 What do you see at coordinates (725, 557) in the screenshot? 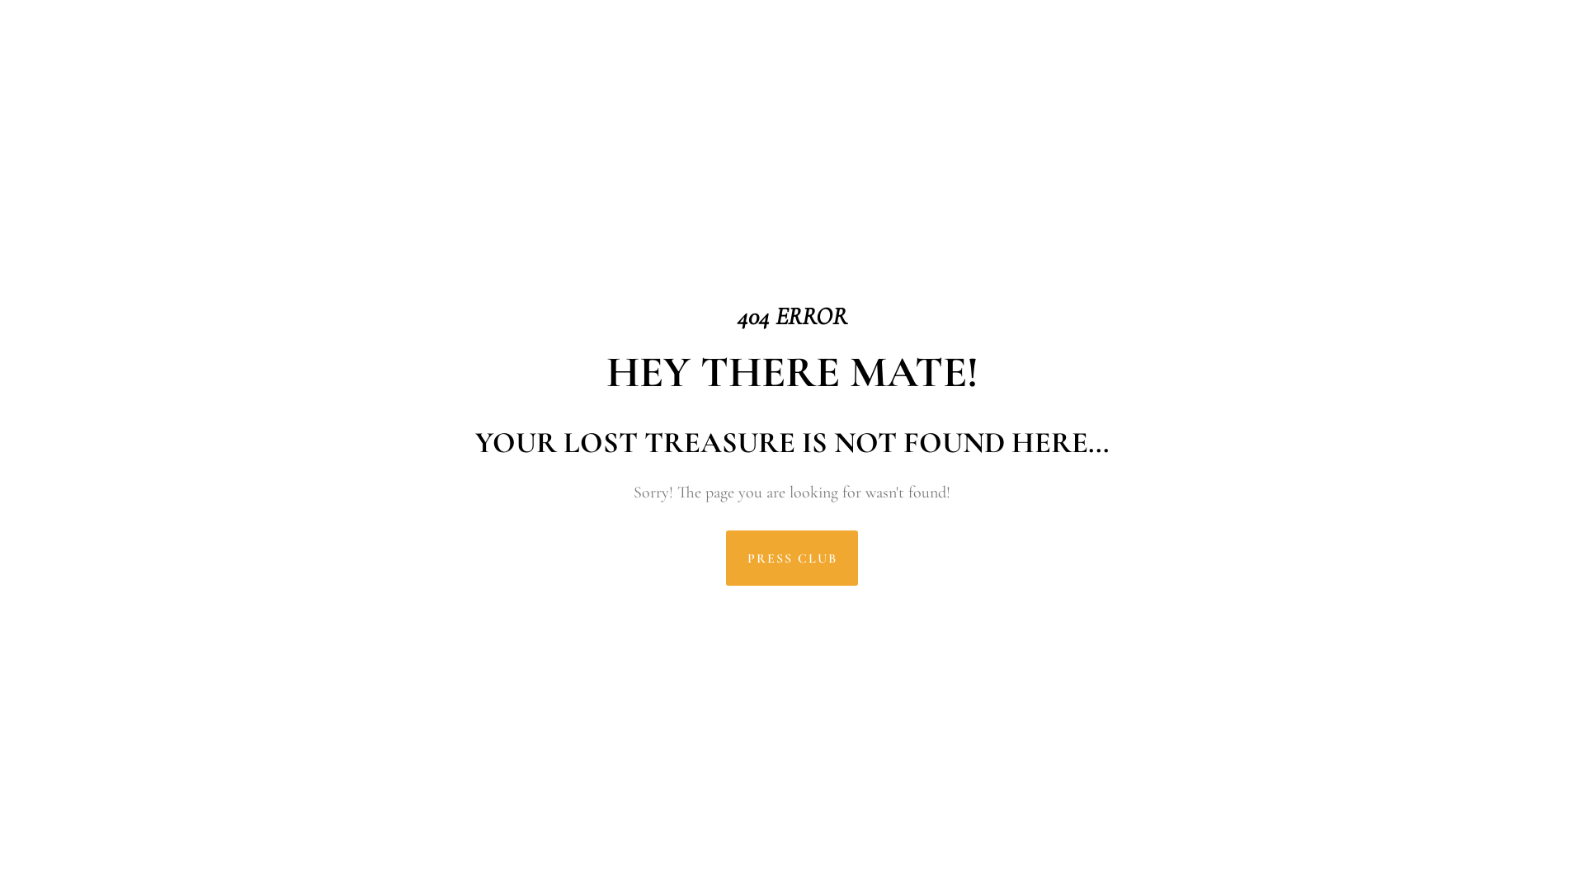
I see `'PRESS CLUB'` at bounding box center [725, 557].